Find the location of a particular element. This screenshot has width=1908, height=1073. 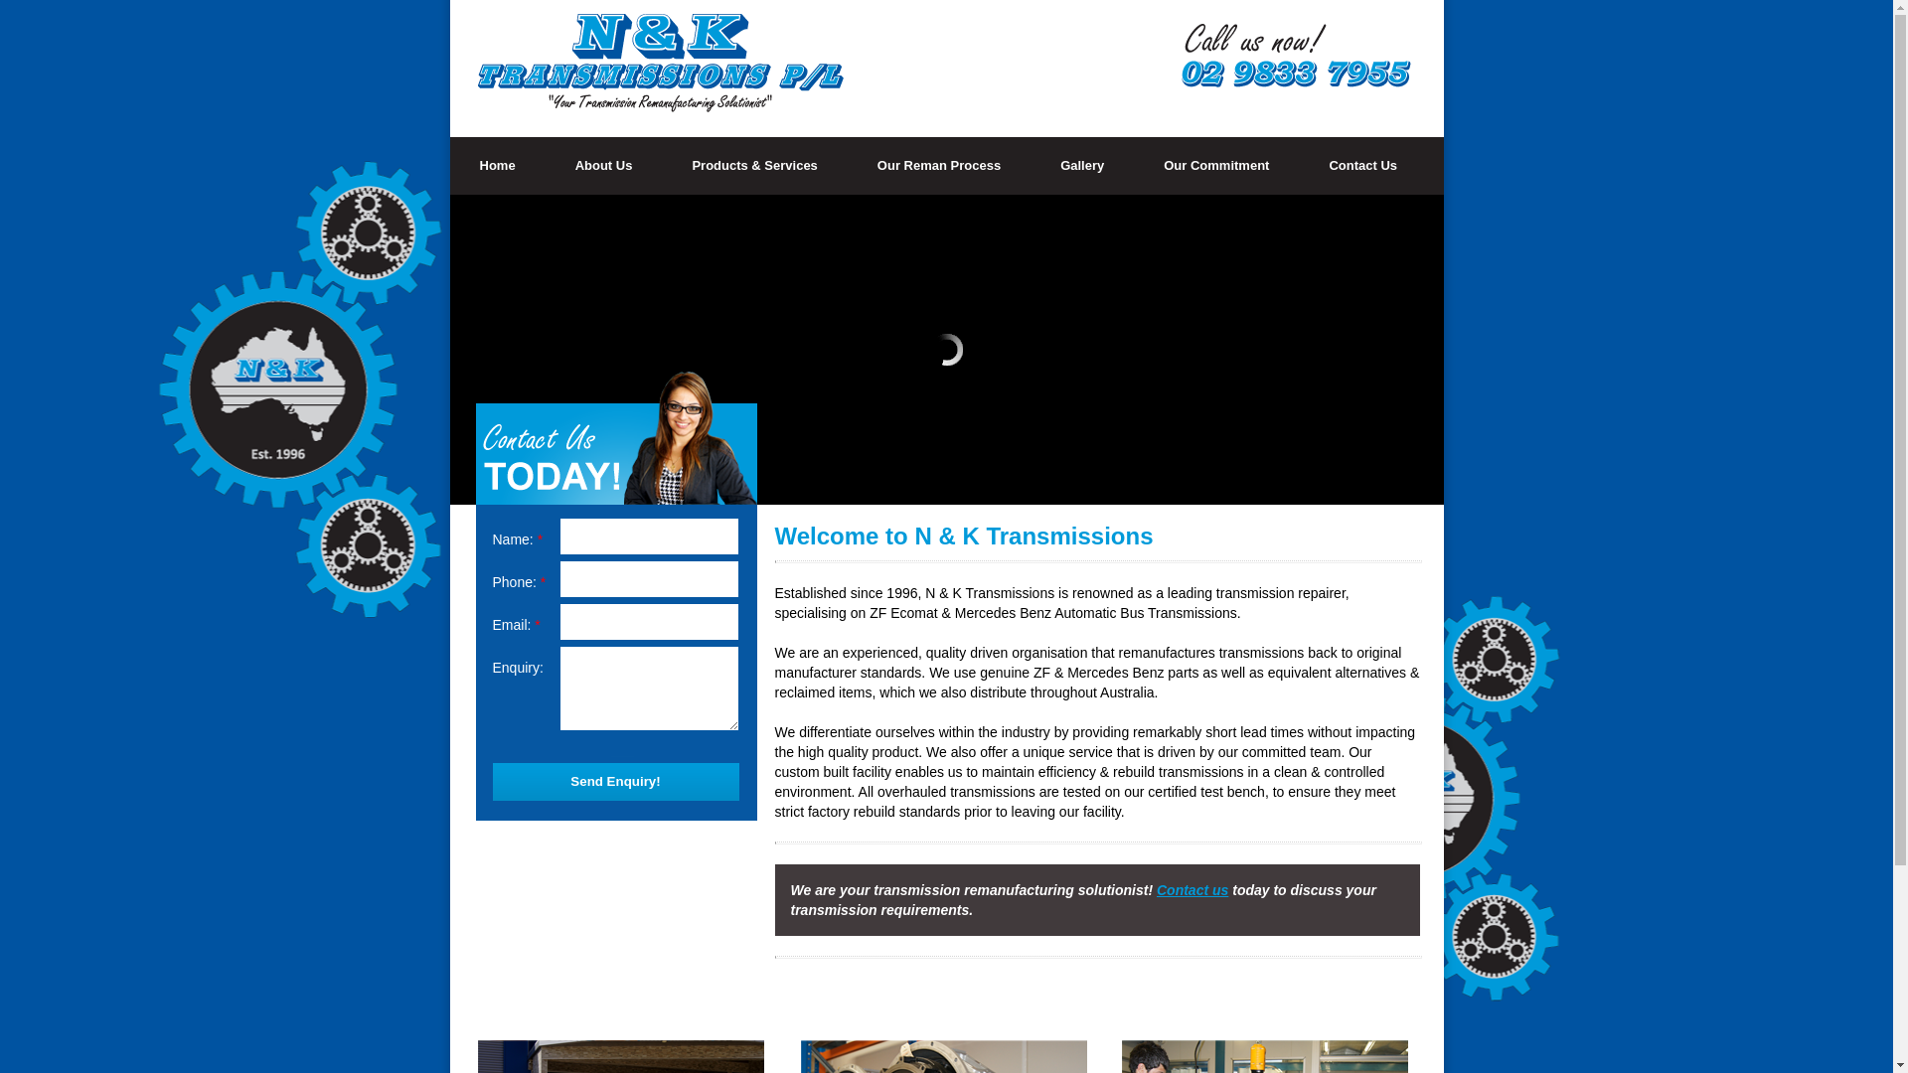

'Our Commitment' is located at coordinates (1215, 164).